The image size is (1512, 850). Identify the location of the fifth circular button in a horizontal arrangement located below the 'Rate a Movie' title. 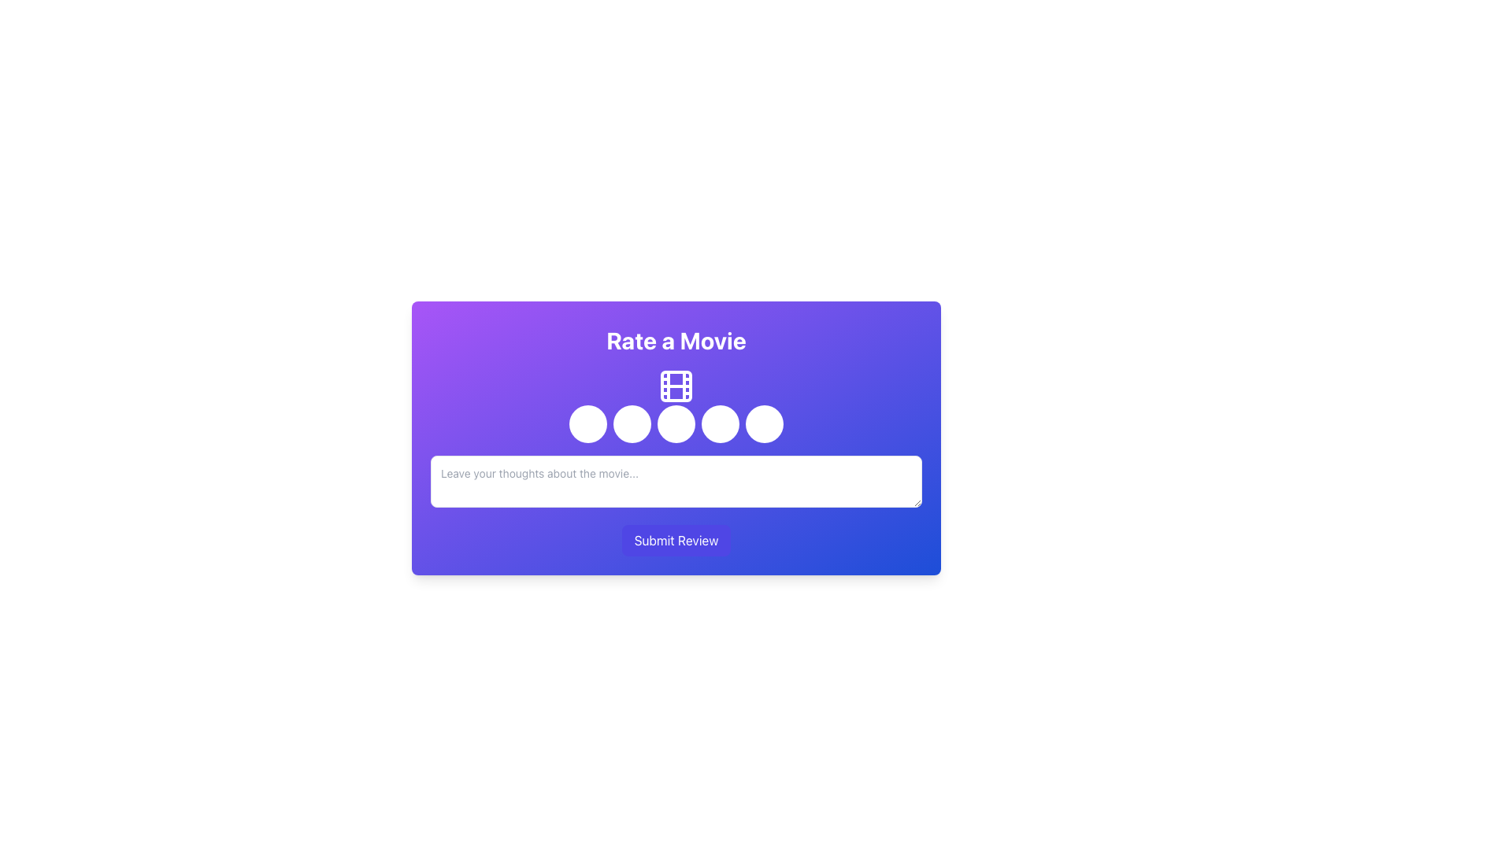
(720, 423).